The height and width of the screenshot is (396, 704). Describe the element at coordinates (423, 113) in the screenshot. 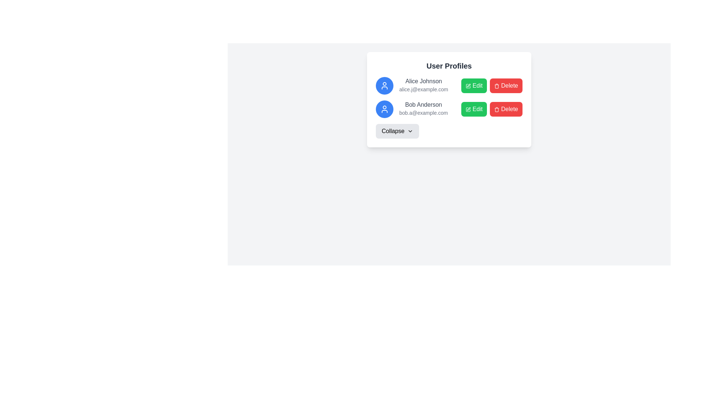

I see `the static text label displaying the email address 'bob.a@example.com', which is positioned directly below the name 'Bob Anderson' within the user profile block` at that location.